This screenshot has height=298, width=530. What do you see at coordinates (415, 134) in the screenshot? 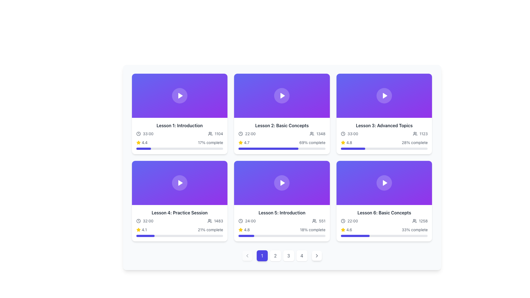
I see `the icon representing the number of participants or viewers located in the bottom-right corner of the 'Lesson 3: Advanced Topics' card, adjacent to the numerical count '1123'` at bounding box center [415, 134].